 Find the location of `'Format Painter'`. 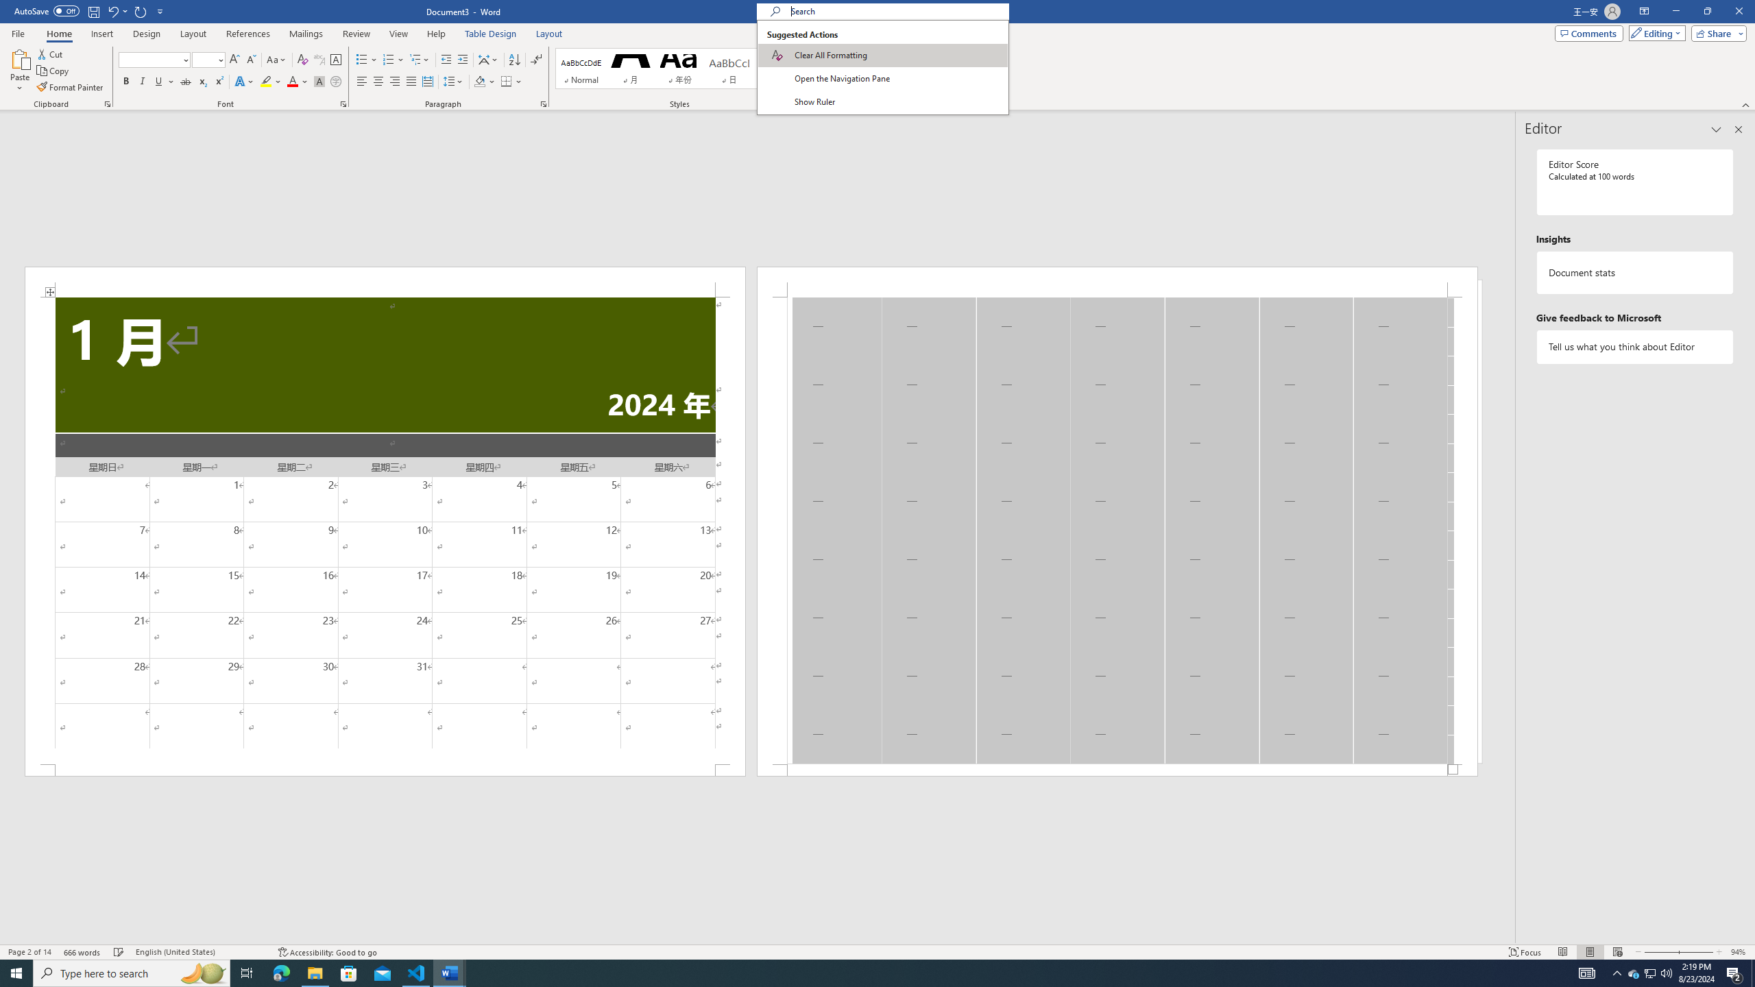

'Format Painter' is located at coordinates (70, 87).